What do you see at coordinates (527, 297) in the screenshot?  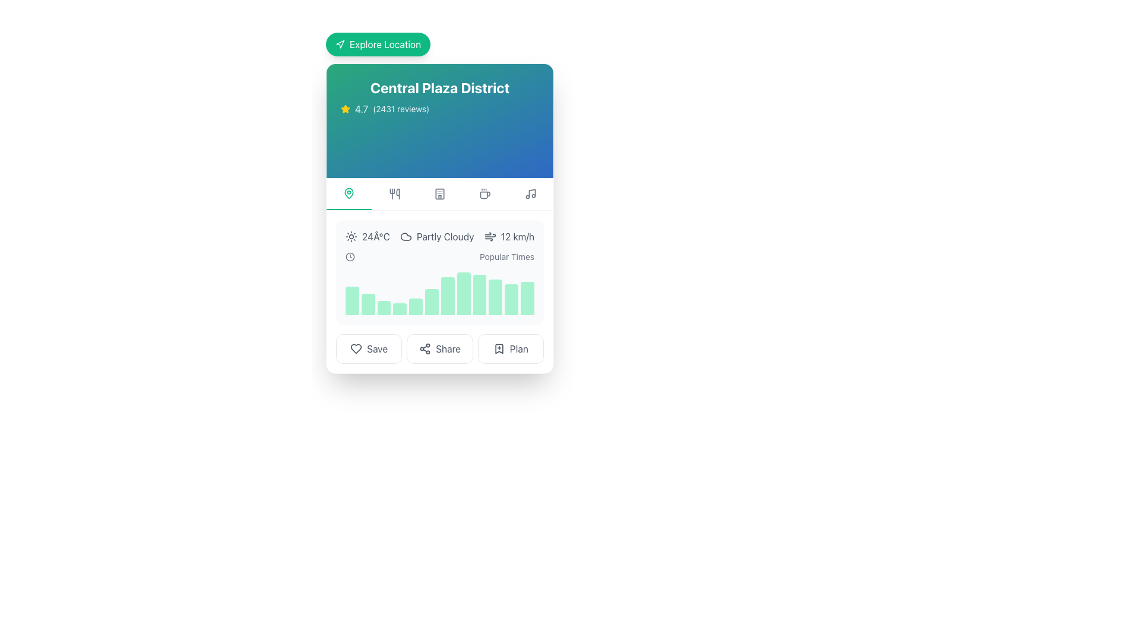 I see `the 12th vertically oriented light green bar in the chart` at bounding box center [527, 297].